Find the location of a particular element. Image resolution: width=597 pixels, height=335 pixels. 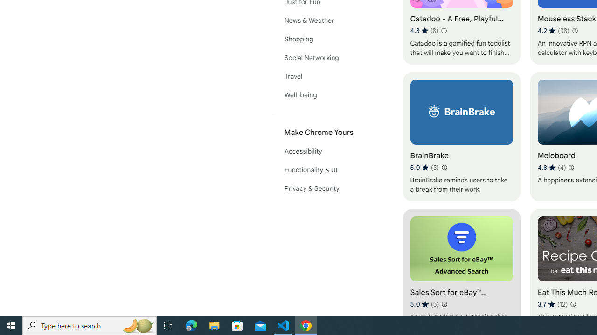

'Social Networking' is located at coordinates (326, 57).